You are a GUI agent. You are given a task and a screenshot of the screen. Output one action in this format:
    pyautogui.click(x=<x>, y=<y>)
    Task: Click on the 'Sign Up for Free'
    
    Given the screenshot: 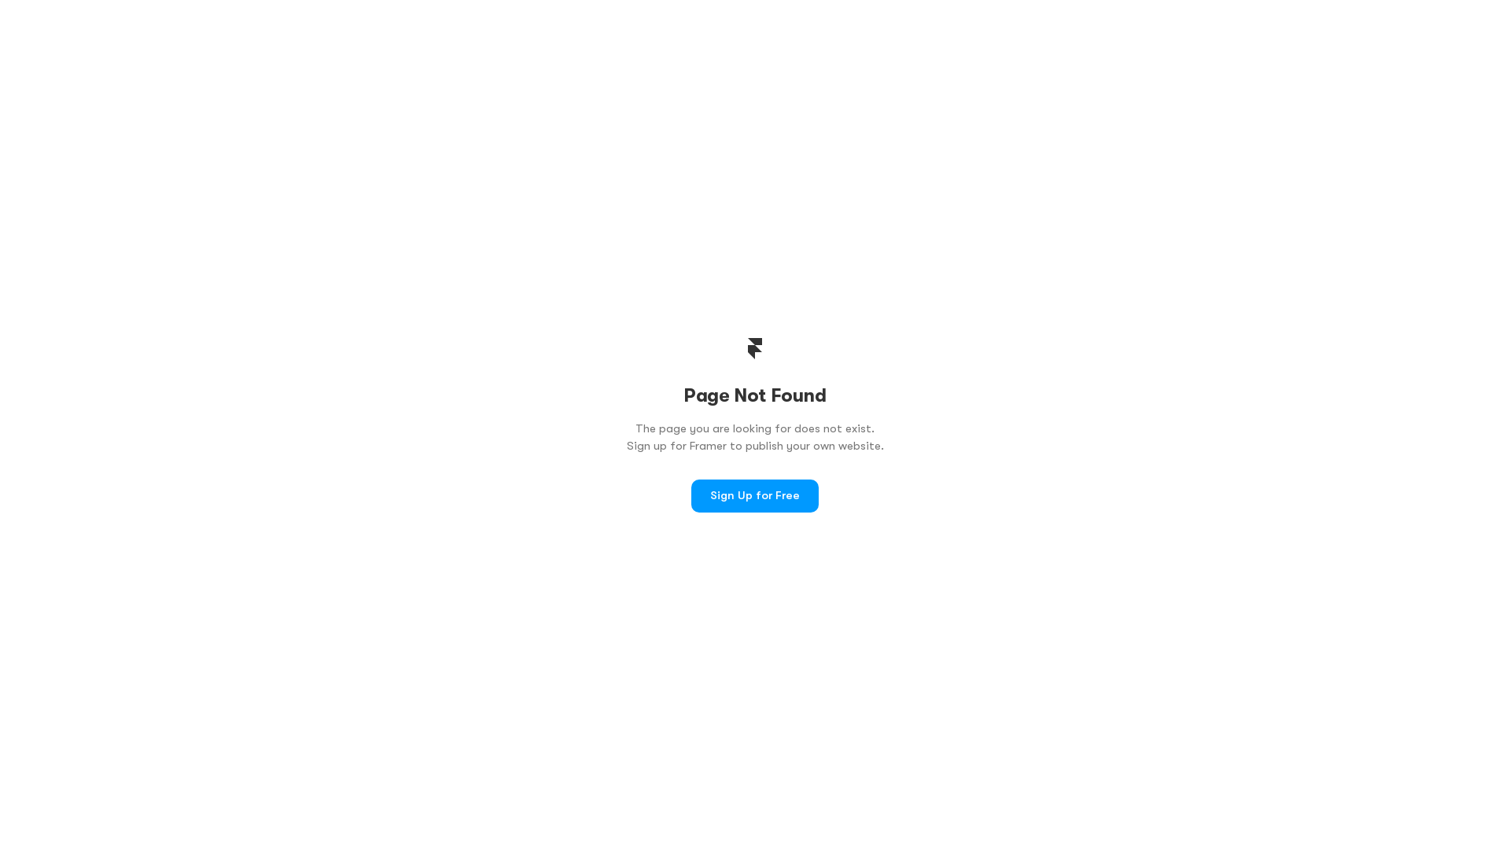 What is the action you would take?
    pyautogui.click(x=755, y=496)
    